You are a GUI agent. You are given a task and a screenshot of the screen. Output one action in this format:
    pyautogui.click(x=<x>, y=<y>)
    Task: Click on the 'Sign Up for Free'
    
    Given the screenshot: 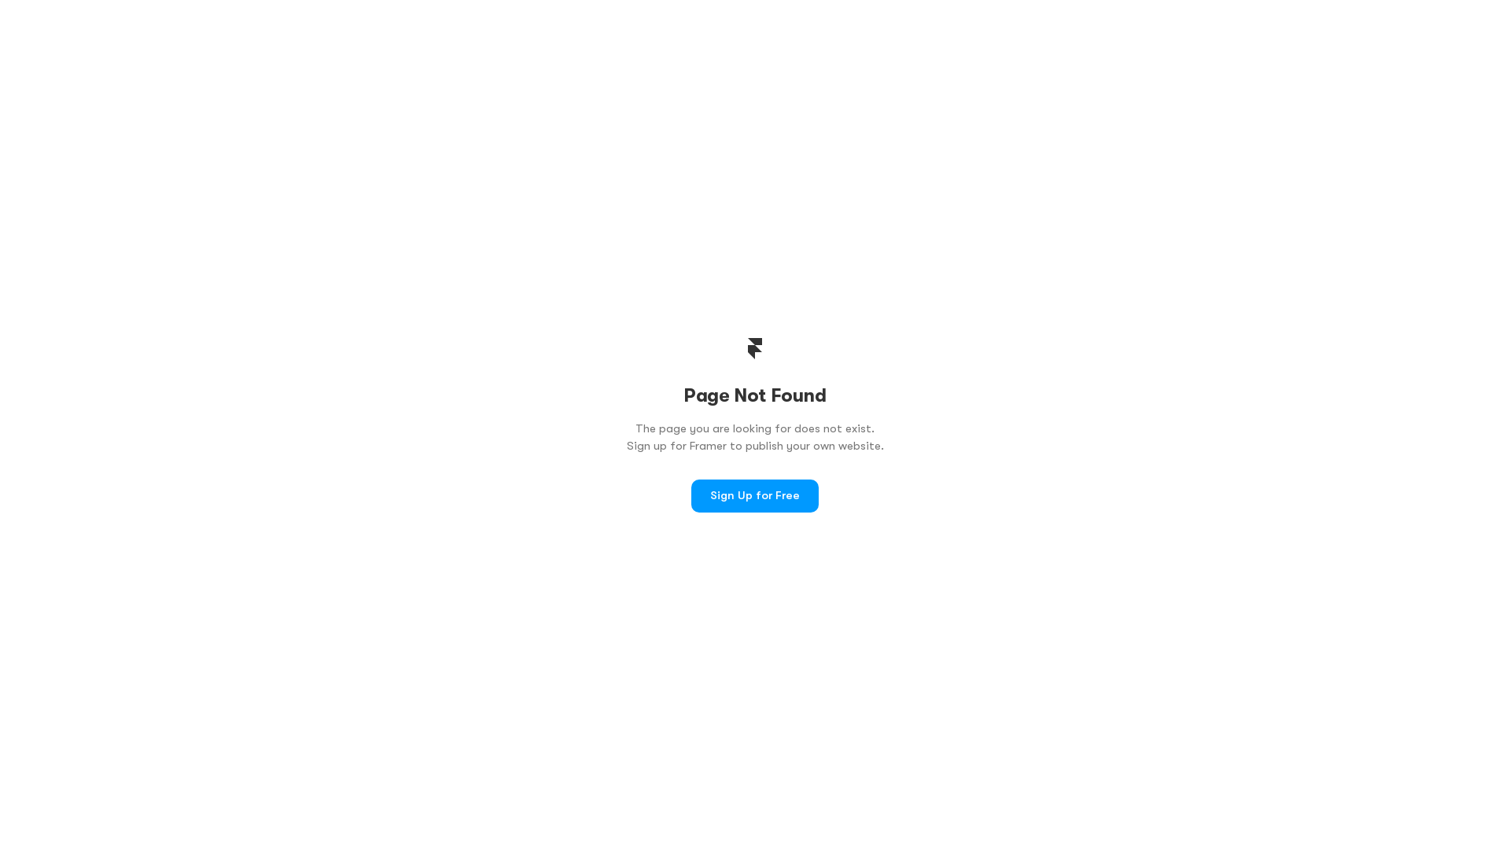 What is the action you would take?
    pyautogui.click(x=755, y=496)
    